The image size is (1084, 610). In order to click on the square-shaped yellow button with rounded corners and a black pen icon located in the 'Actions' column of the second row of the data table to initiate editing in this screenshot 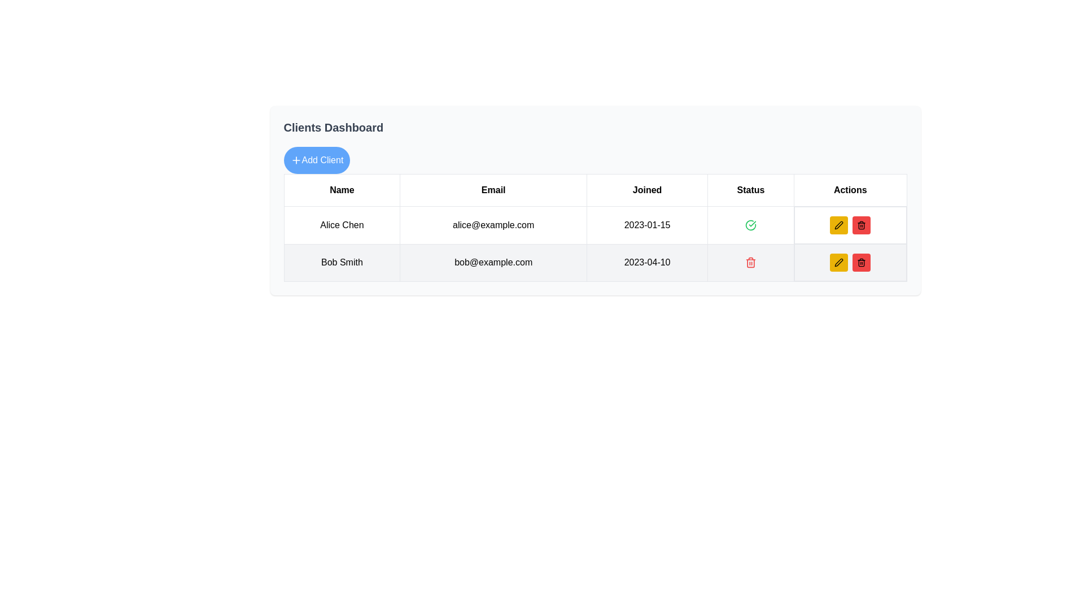, I will do `click(839, 263)`.